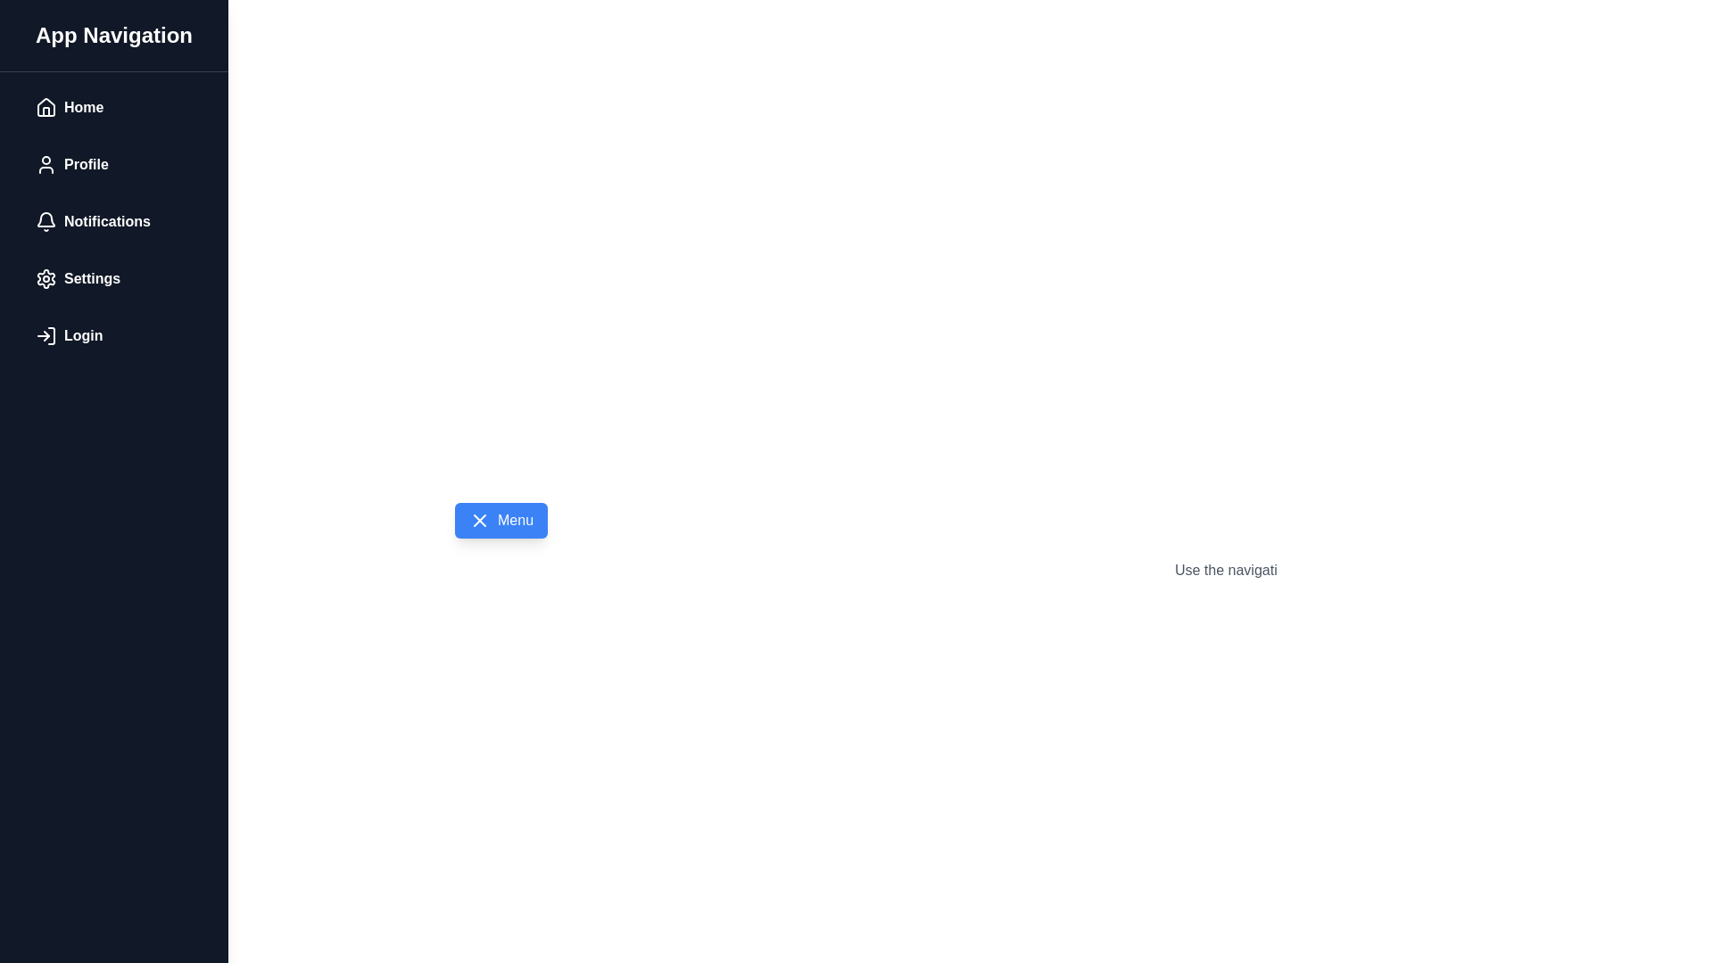 The width and height of the screenshot is (1713, 963). What do you see at coordinates (46, 165) in the screenshot?
I see `the 'Profile' icon in the navigation menu, located to the left of the 'Profile' label` at bounding box center [46, 165].